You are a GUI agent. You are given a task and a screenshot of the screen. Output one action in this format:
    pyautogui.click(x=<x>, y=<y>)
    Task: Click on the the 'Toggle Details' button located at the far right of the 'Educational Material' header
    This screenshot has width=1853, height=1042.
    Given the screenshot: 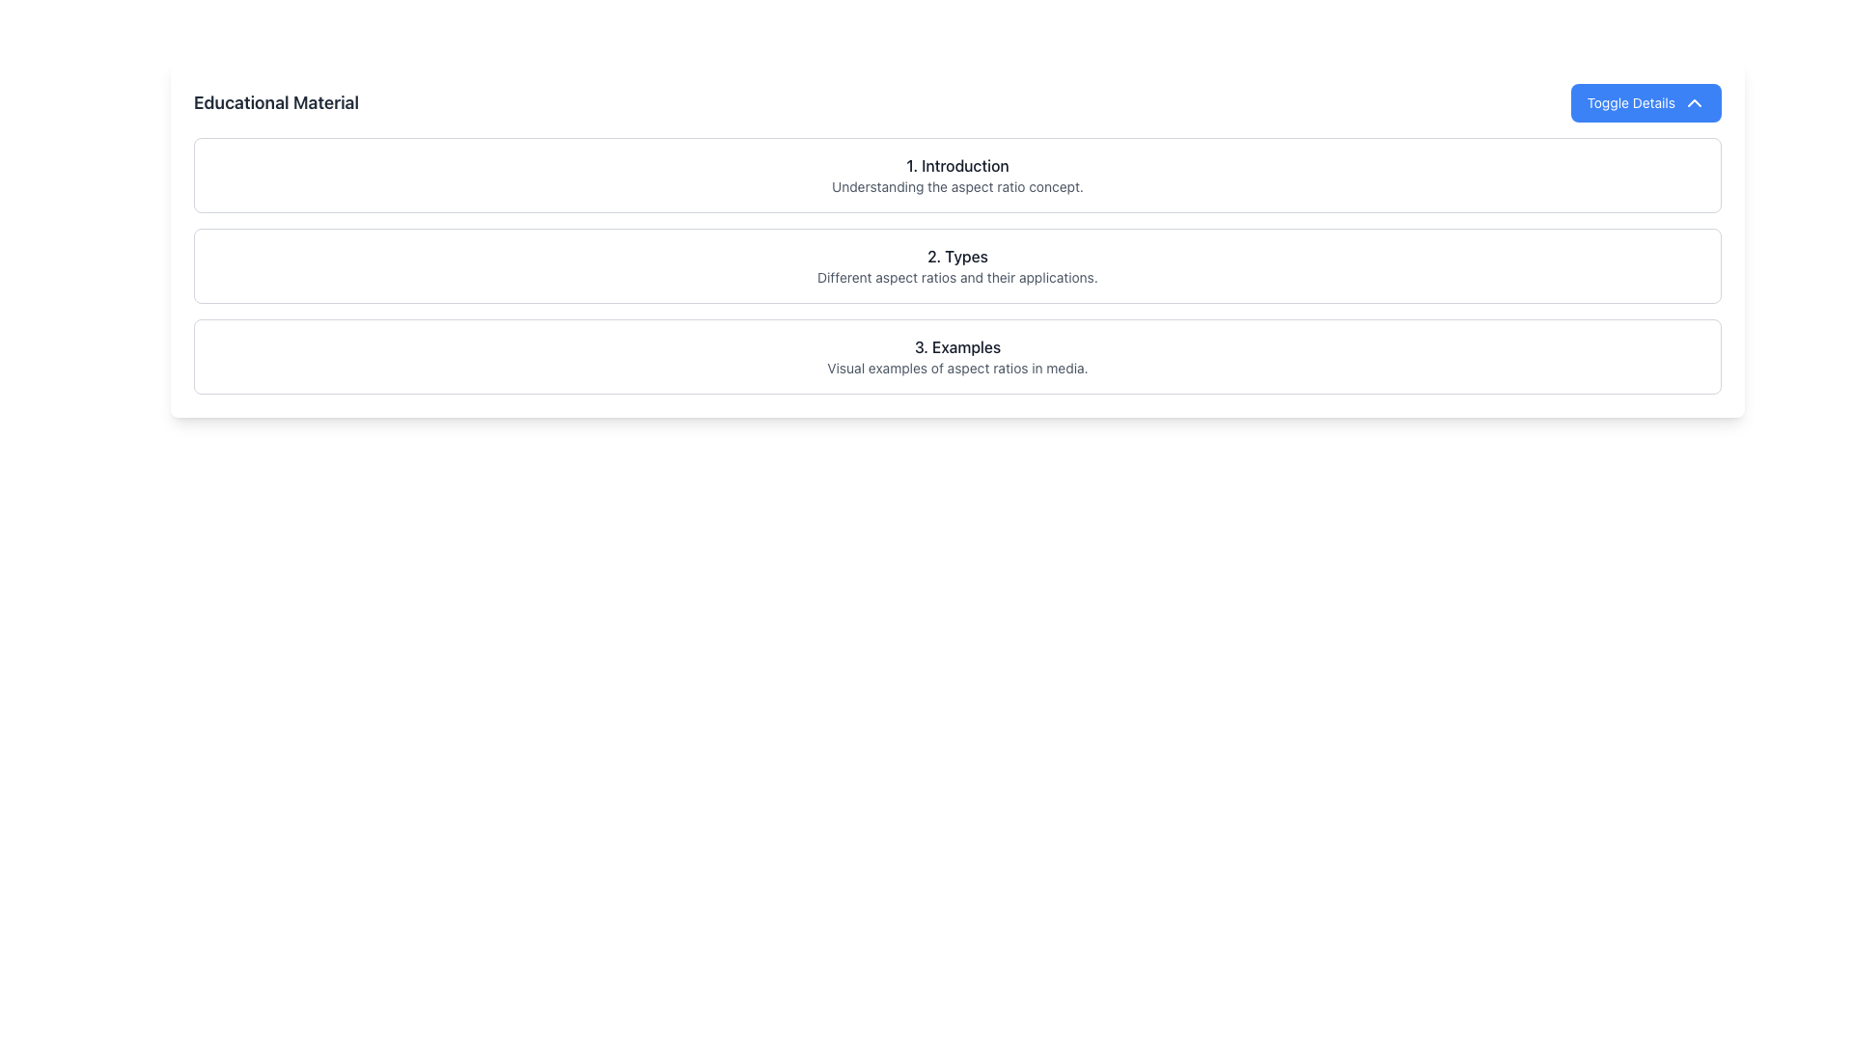 What is the action you would take?
    pyautogui.click(x=1646, y=103)
    